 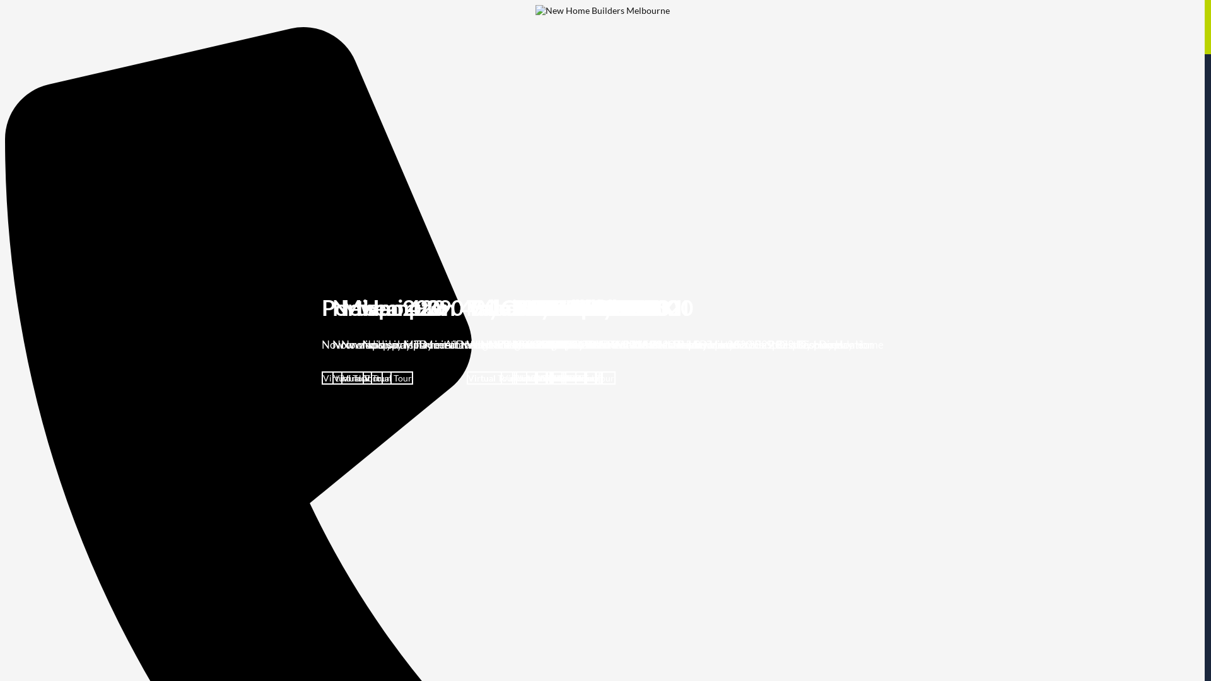 I want to click on 'Virtual Tour', so click(x=571, y=377).